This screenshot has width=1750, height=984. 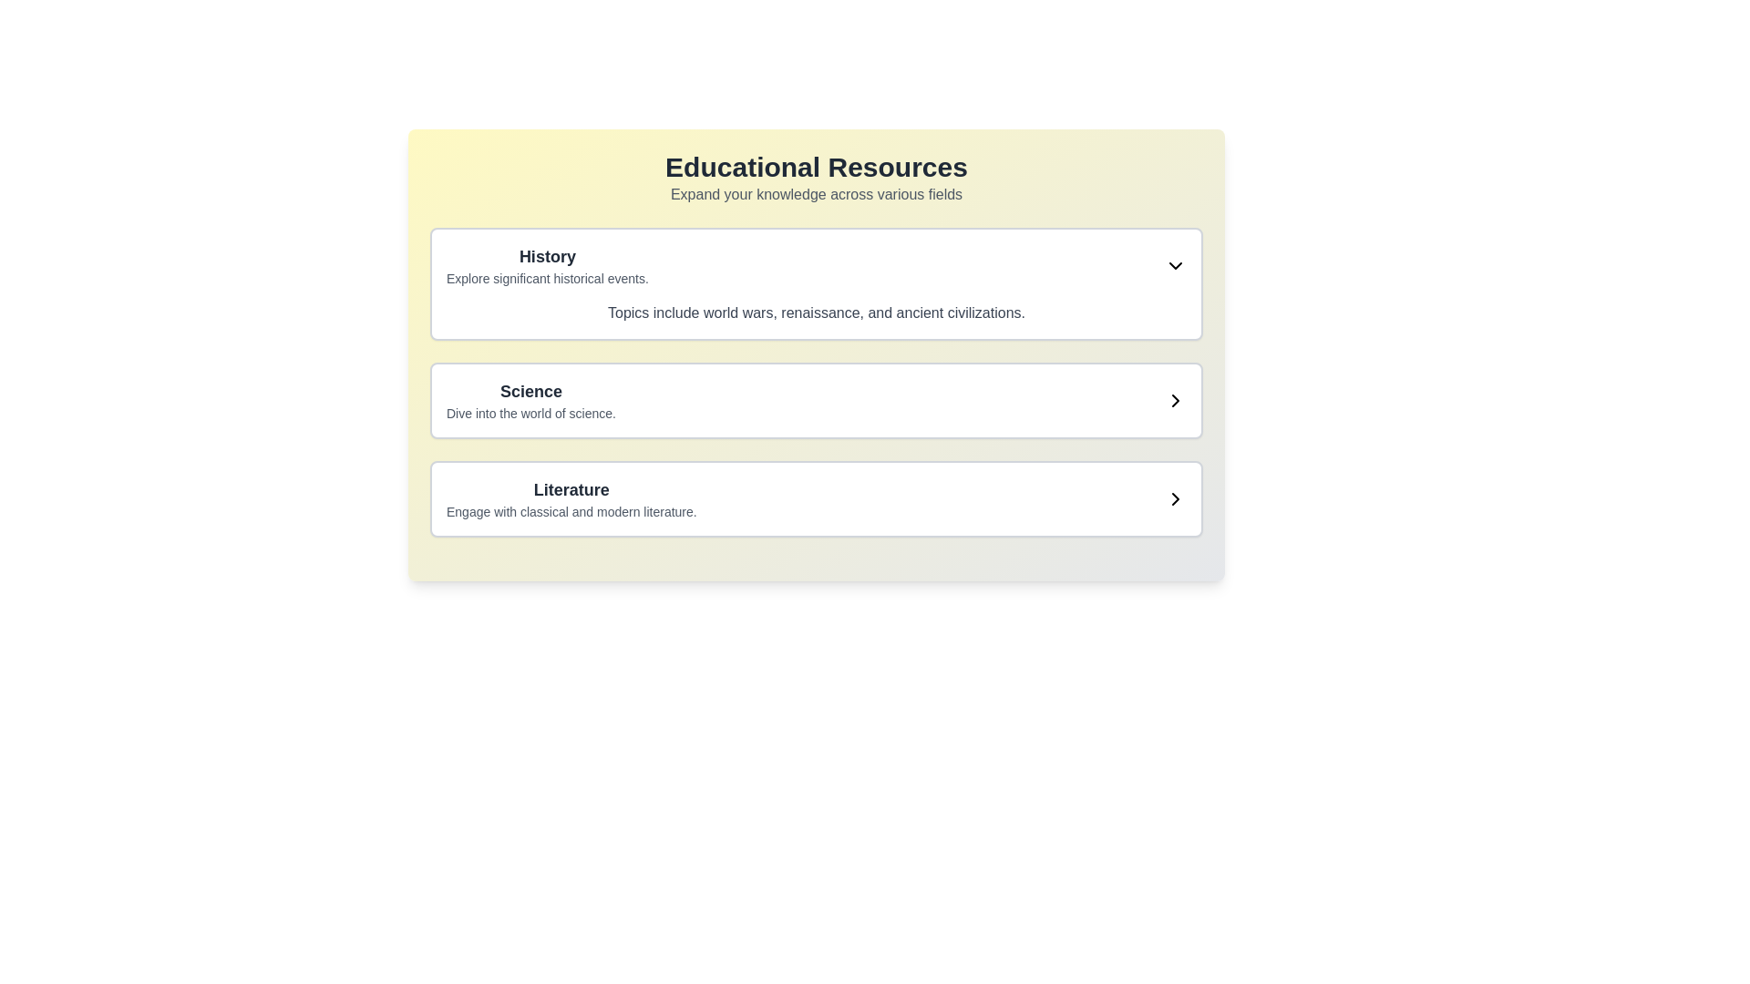 I want to click on the chevron-right icon button located at the far-right side of the 'Literature' section, so click(x=1176, y=498).